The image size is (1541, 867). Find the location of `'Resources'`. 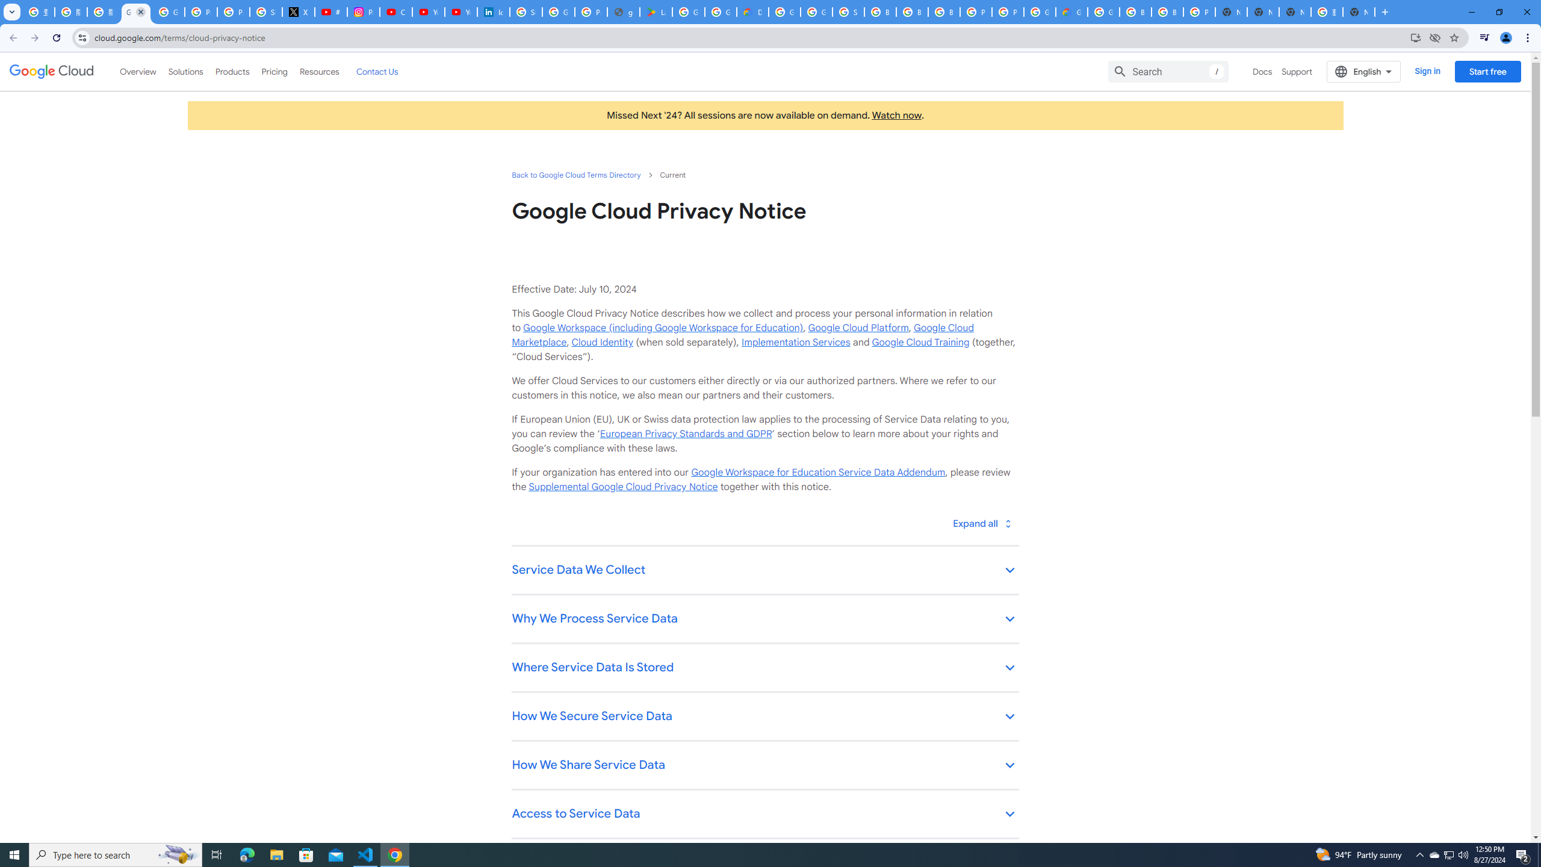

'Resources' is located at coordinates (318, 71).